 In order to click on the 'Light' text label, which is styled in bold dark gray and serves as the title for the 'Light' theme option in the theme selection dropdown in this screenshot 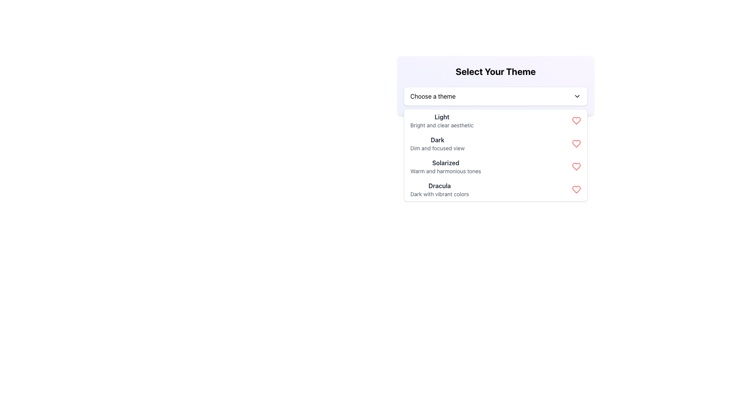, I will do `click(442, 117)`.